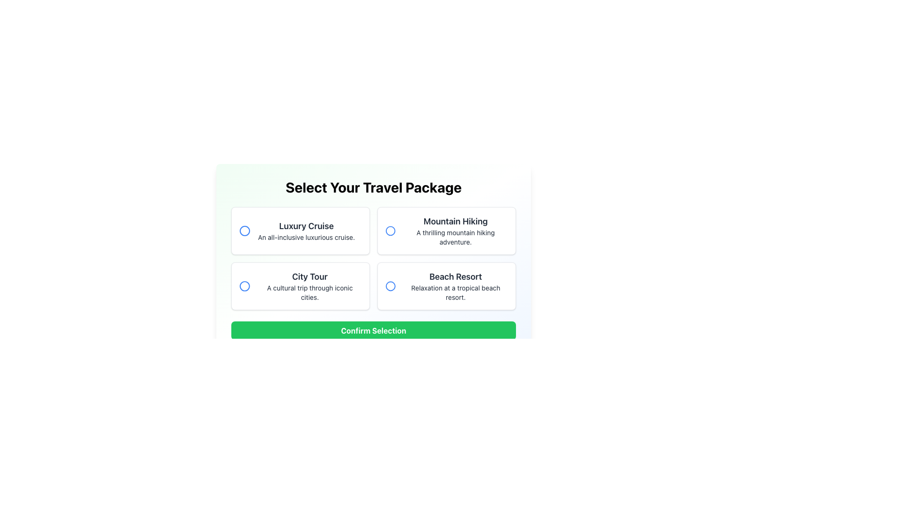 This screenshot has width=899, height=506. What do you see at coordinates (456, 237) in the screenshot?
I see `textual description located directly below the heading 'Mountain Hiking', which states 'A thrilling mountain hiking adventure.'` at bounding box center [456, 237].